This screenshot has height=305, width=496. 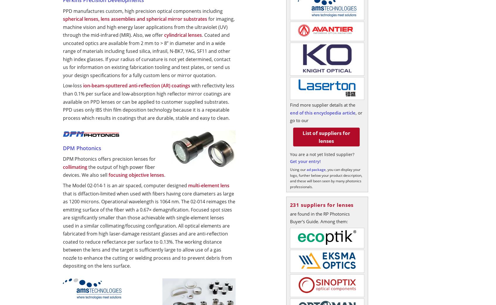 What do you see at coordinates (109, 170) in the screenshot?
I see `'the output of high power fiber devices. We also sell'` at bounding box center [109, 170].